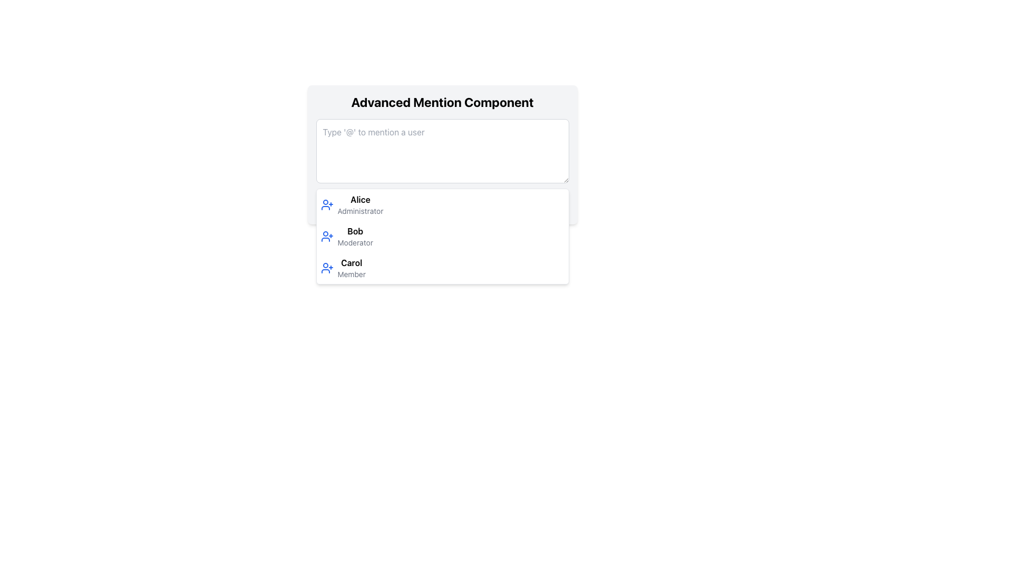 This screenshot has width=1012, height=569. I want to click on to select the user entry for Carol, who is listed as the third item in the dropdown-like component after Alice and Bob, so click(352, 268).